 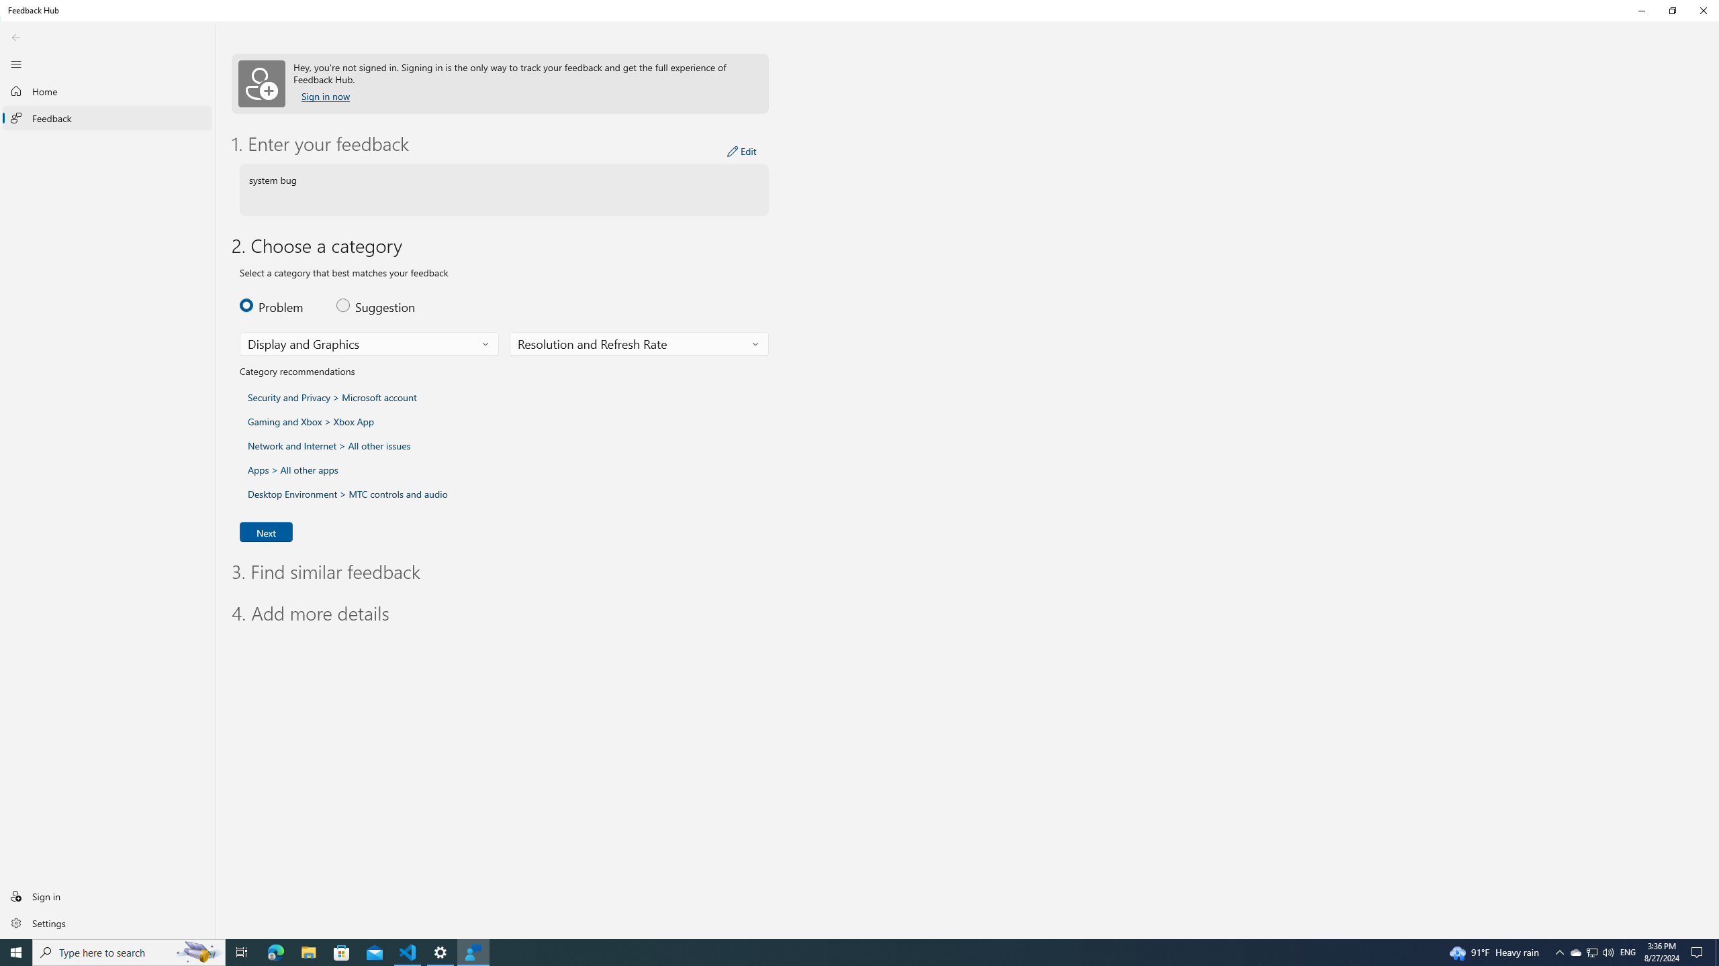 I want to click on 'Feedback category', so click(x=369, y=344).